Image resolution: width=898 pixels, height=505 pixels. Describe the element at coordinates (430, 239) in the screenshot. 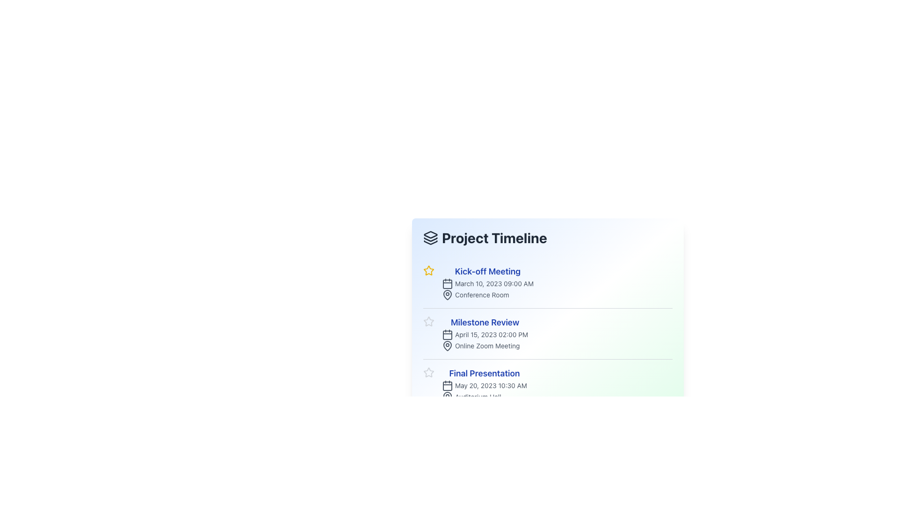

I see `the middle layer icon graphic representing layers in the Project Timeline section` at that location.